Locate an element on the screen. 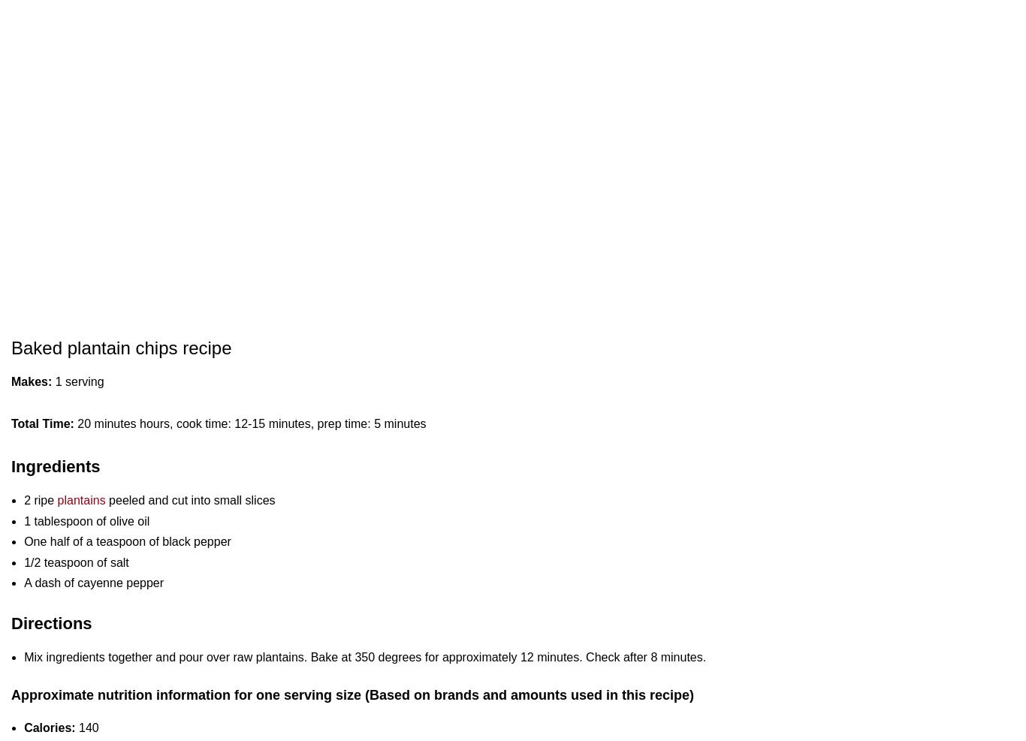  '140' is located at coordinates (86, 727).